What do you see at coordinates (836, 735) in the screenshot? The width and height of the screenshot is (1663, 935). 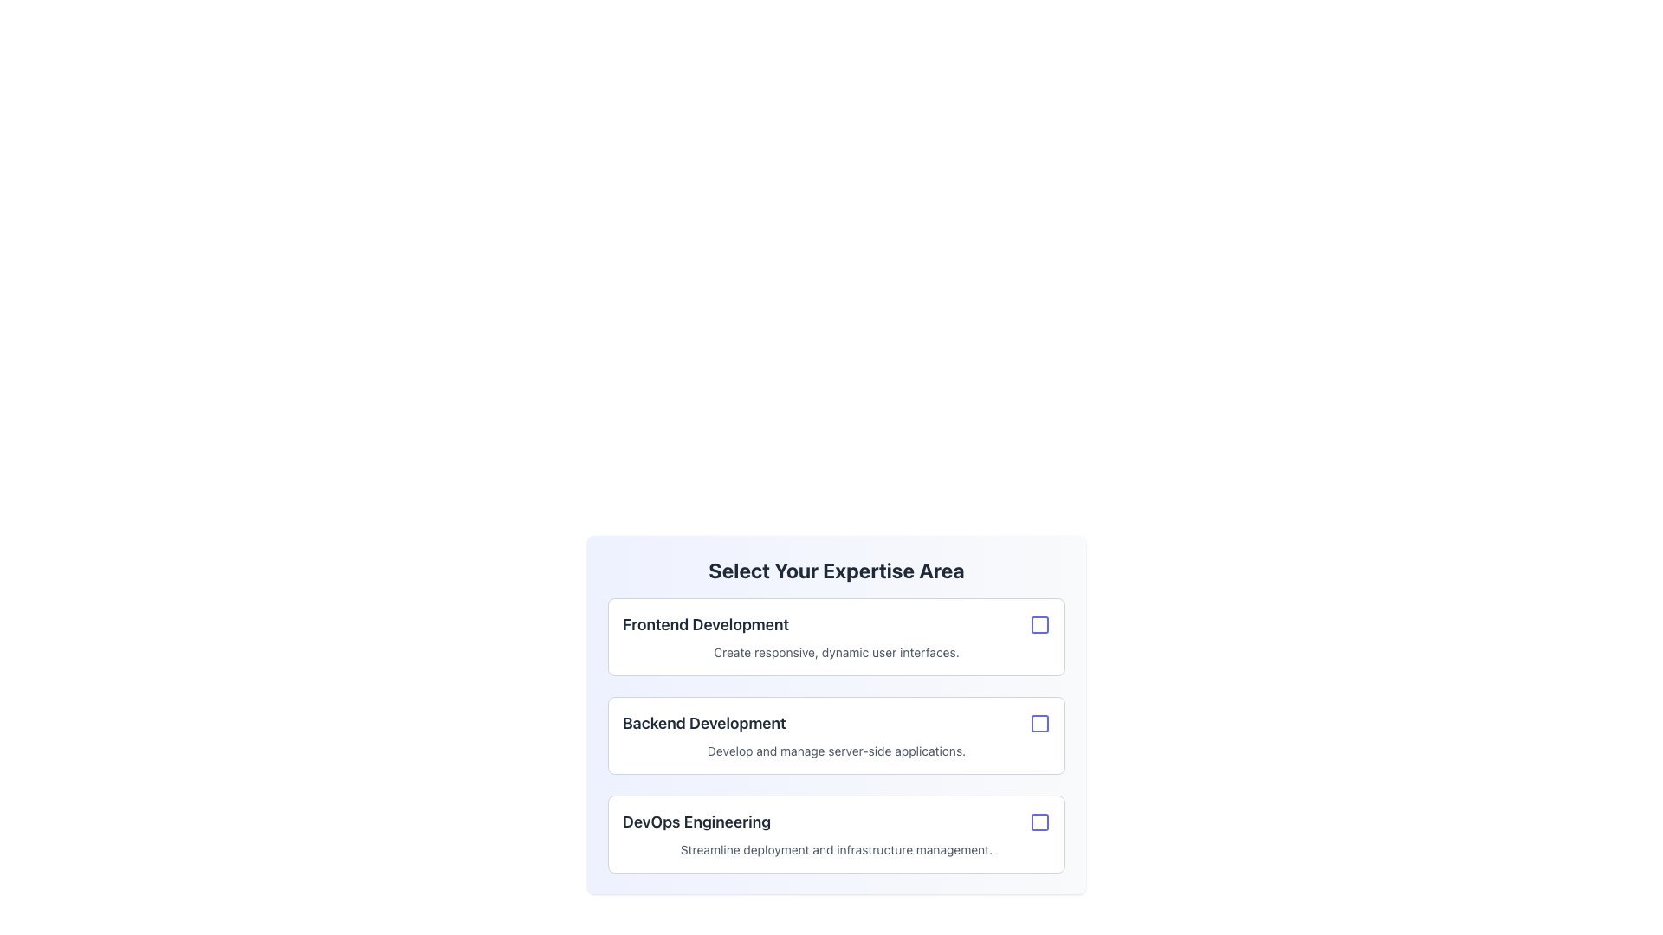 I see `the checkbox on the second card component representing an expertise area option in the 'Select Your Expertise Area' section` at bounding box center [836, 735].